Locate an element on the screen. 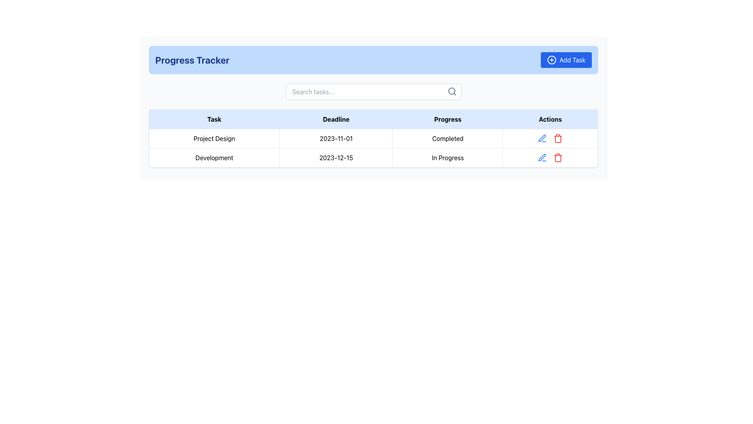 This screenshot has width=753, height=424. the trash bin icon in the action bar to initiate the delete action is located at coordinates (558, 157).